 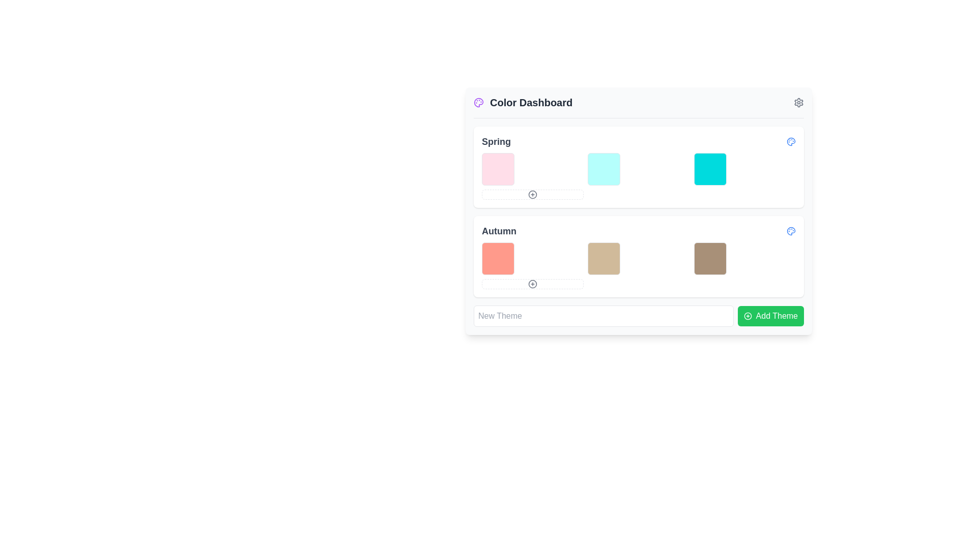 What do you see at coordinates (791, 141) in the screenshot?
I see `the icon located in the top-right corner of the 'Spring' section in the Color Dashboard, adjacent to the text 'Spring' and aligned with the color squares` at bounding box center [791, 141].